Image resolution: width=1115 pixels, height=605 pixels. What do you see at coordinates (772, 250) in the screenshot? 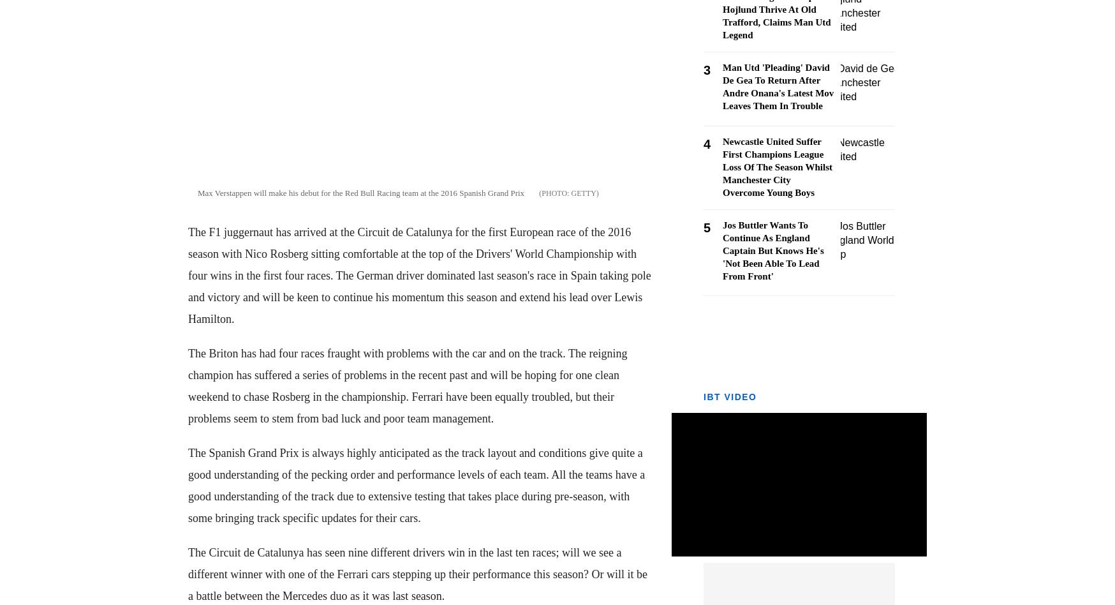
I see `'Jos Buttler Wants To Continue As England Captain But Knows He's 'Not Been Able To Lead From Front''` at bounding box center [772, 250].